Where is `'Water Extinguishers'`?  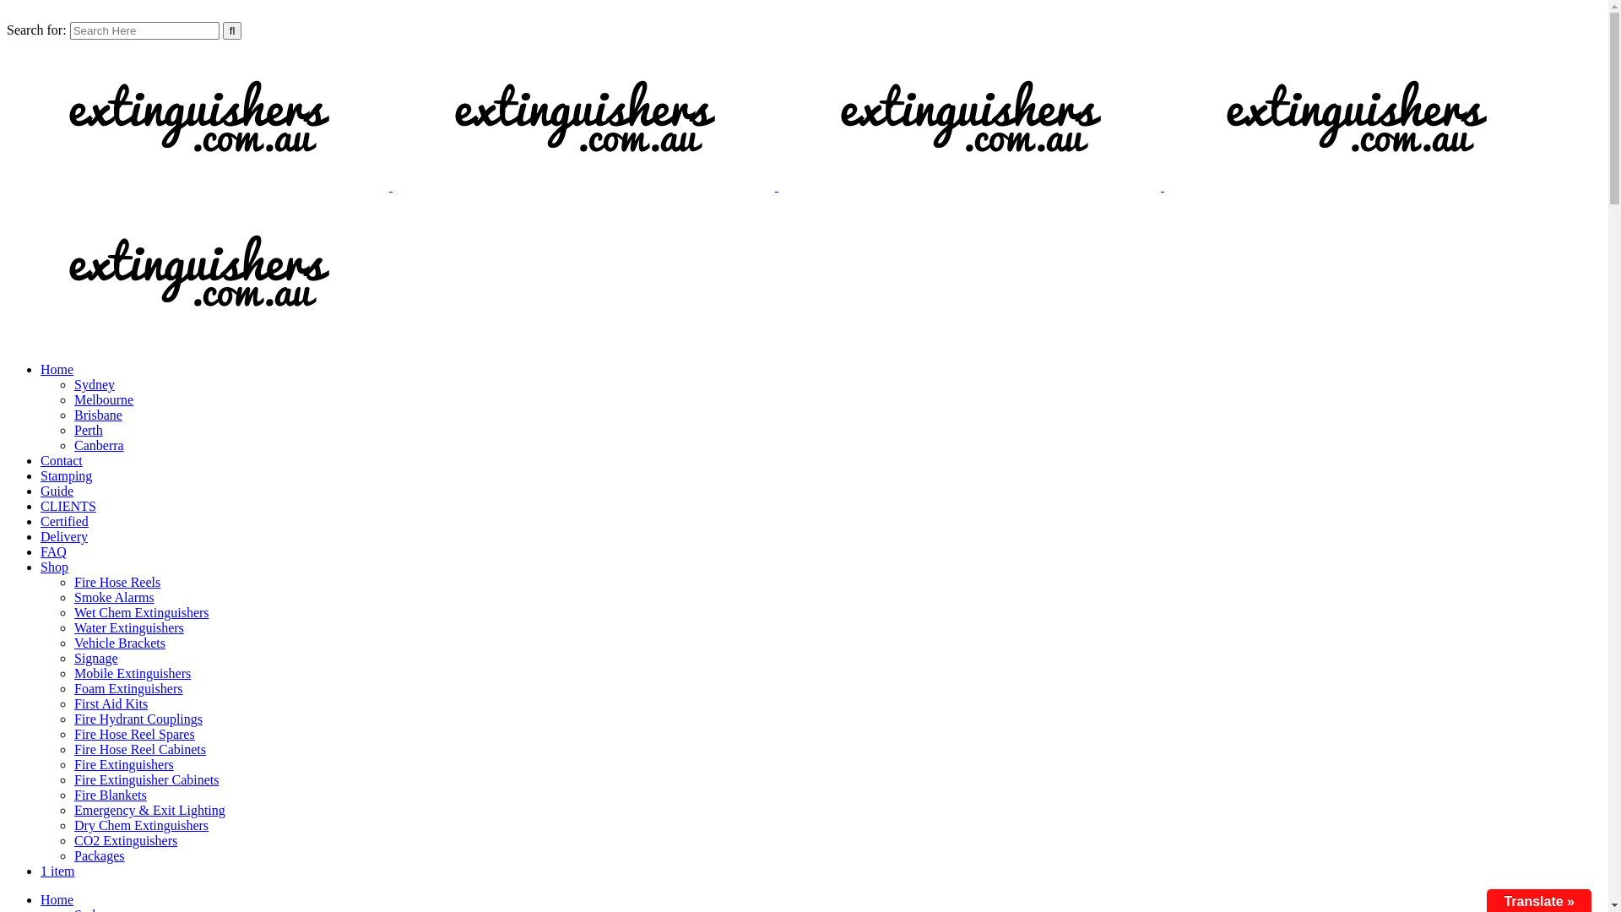 'Water Extinguishers' is located at coordinates (128, 627).